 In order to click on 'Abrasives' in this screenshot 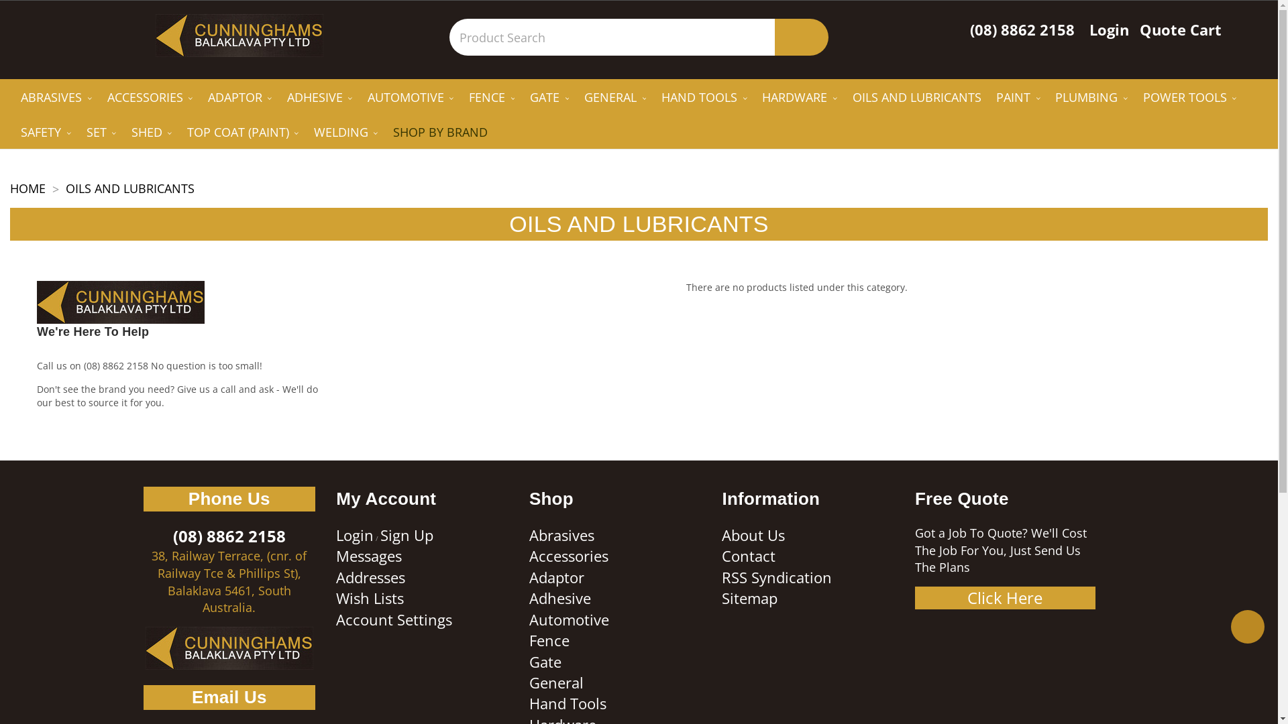, I will do `click(528, 534)`.